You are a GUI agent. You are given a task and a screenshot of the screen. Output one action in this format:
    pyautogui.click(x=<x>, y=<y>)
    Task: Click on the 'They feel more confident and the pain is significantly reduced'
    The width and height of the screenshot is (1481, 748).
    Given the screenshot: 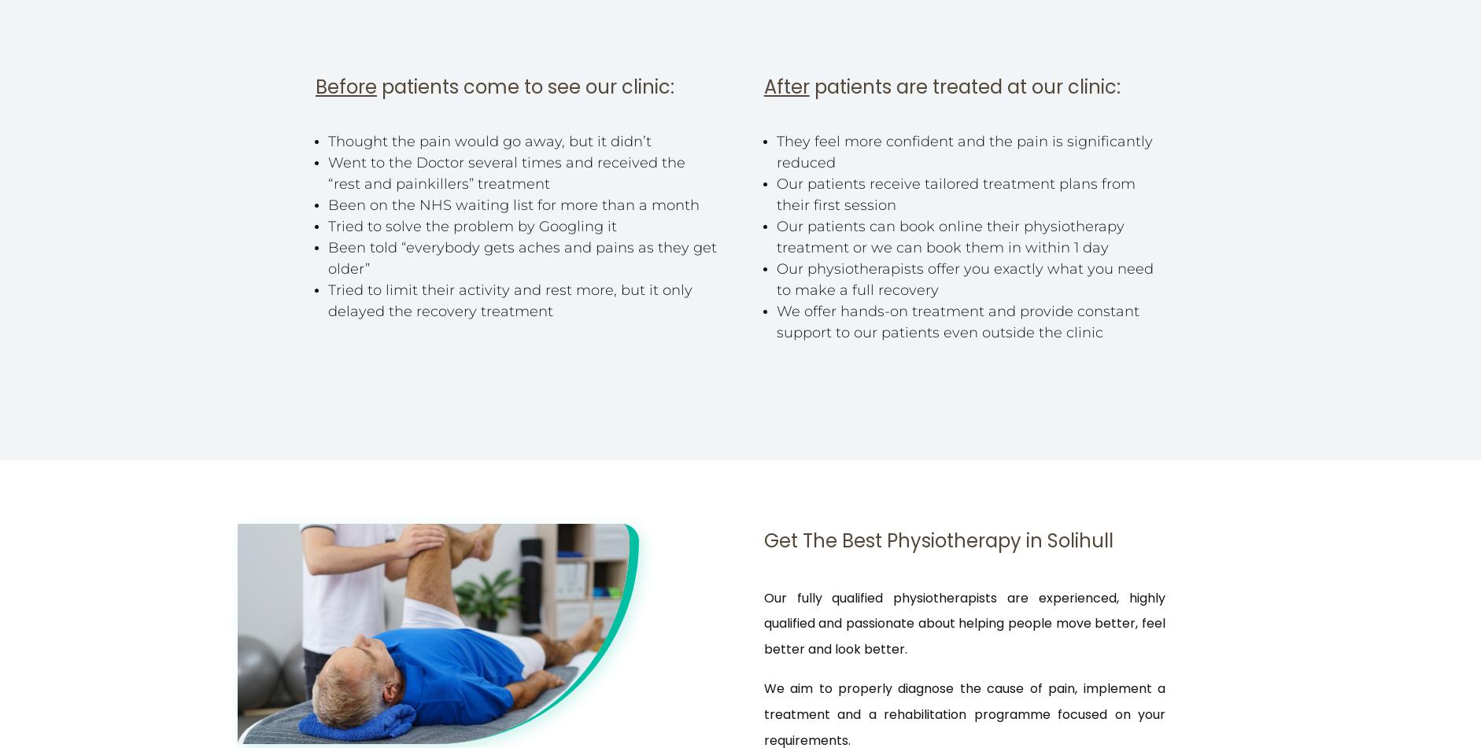 What is the action you would take?
    pyautogui.click(x=963, y=152)
    